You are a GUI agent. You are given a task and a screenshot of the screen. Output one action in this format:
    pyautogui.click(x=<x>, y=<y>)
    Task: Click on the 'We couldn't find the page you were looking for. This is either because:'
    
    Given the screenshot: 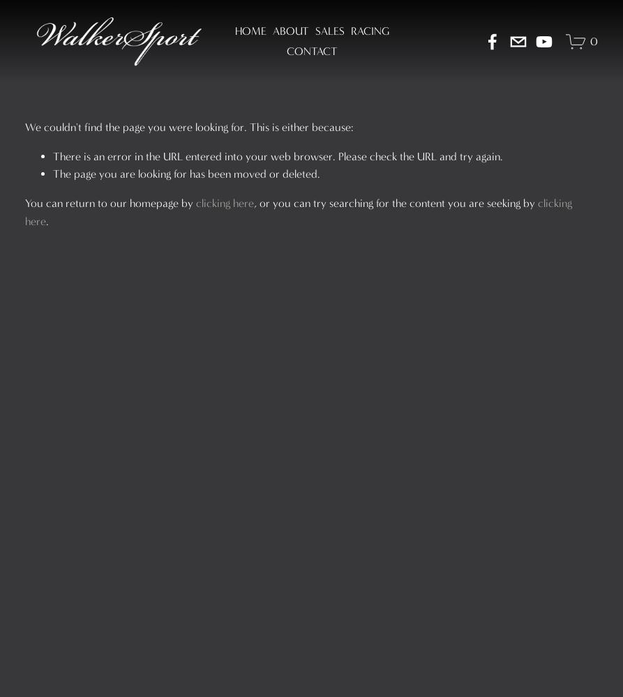 What is the action you would take?
    pyautogui.click(x=188, y=126)
    